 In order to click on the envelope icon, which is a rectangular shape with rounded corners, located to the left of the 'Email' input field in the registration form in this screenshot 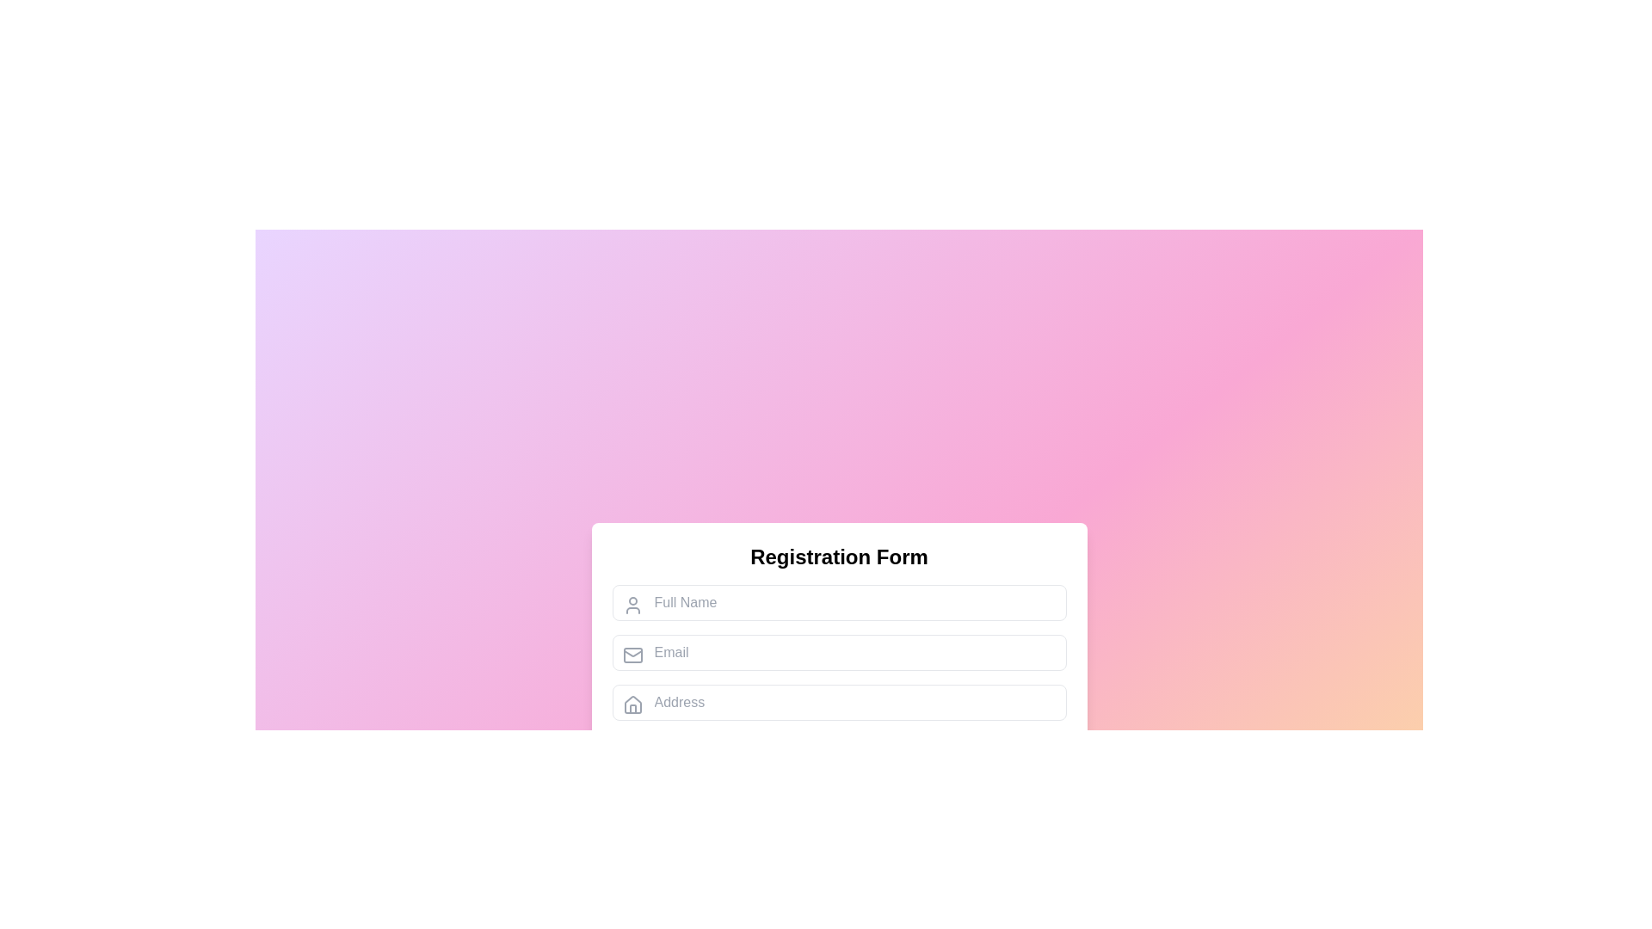, I will do `click(632, 655)`.